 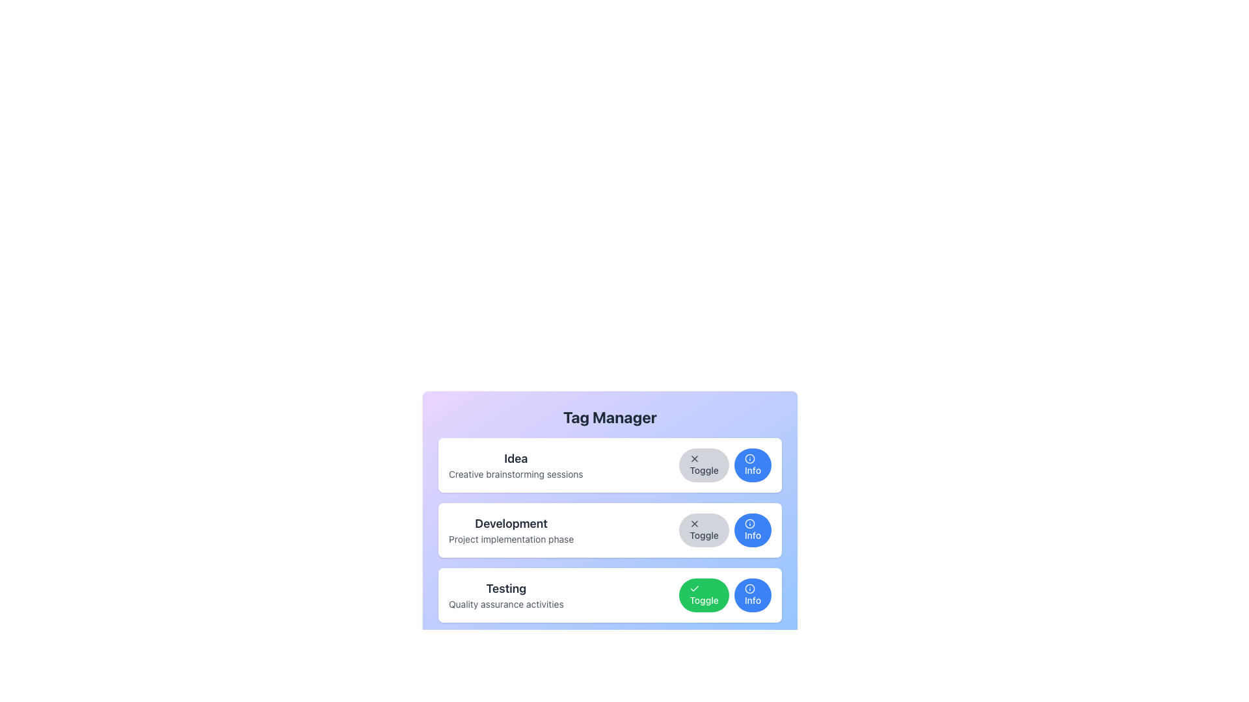 What do you see at coordinates (725, 530) in the screenshot?
I see `the 'Toggle' and 'Info' buttons in the Button group located in the 'Development' section` at bounding box center [725, 530].